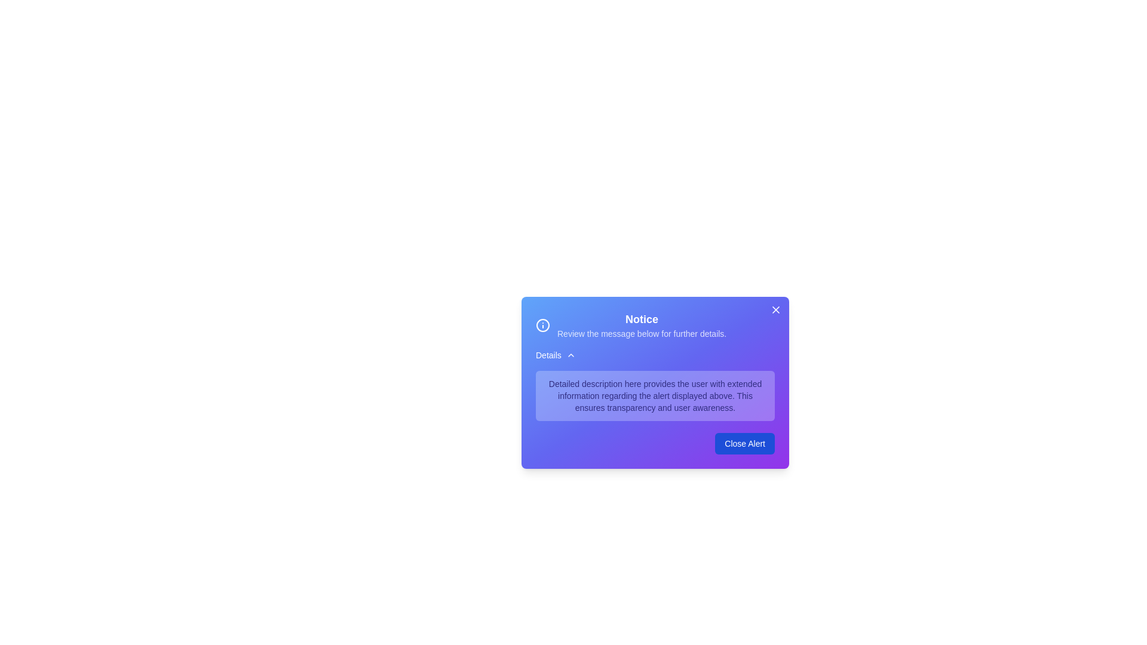 Image resolution: width=1147 pixels, height=645 pixels. I want to click on the 'Close Alert' button to close the alert, so click(744, 444).